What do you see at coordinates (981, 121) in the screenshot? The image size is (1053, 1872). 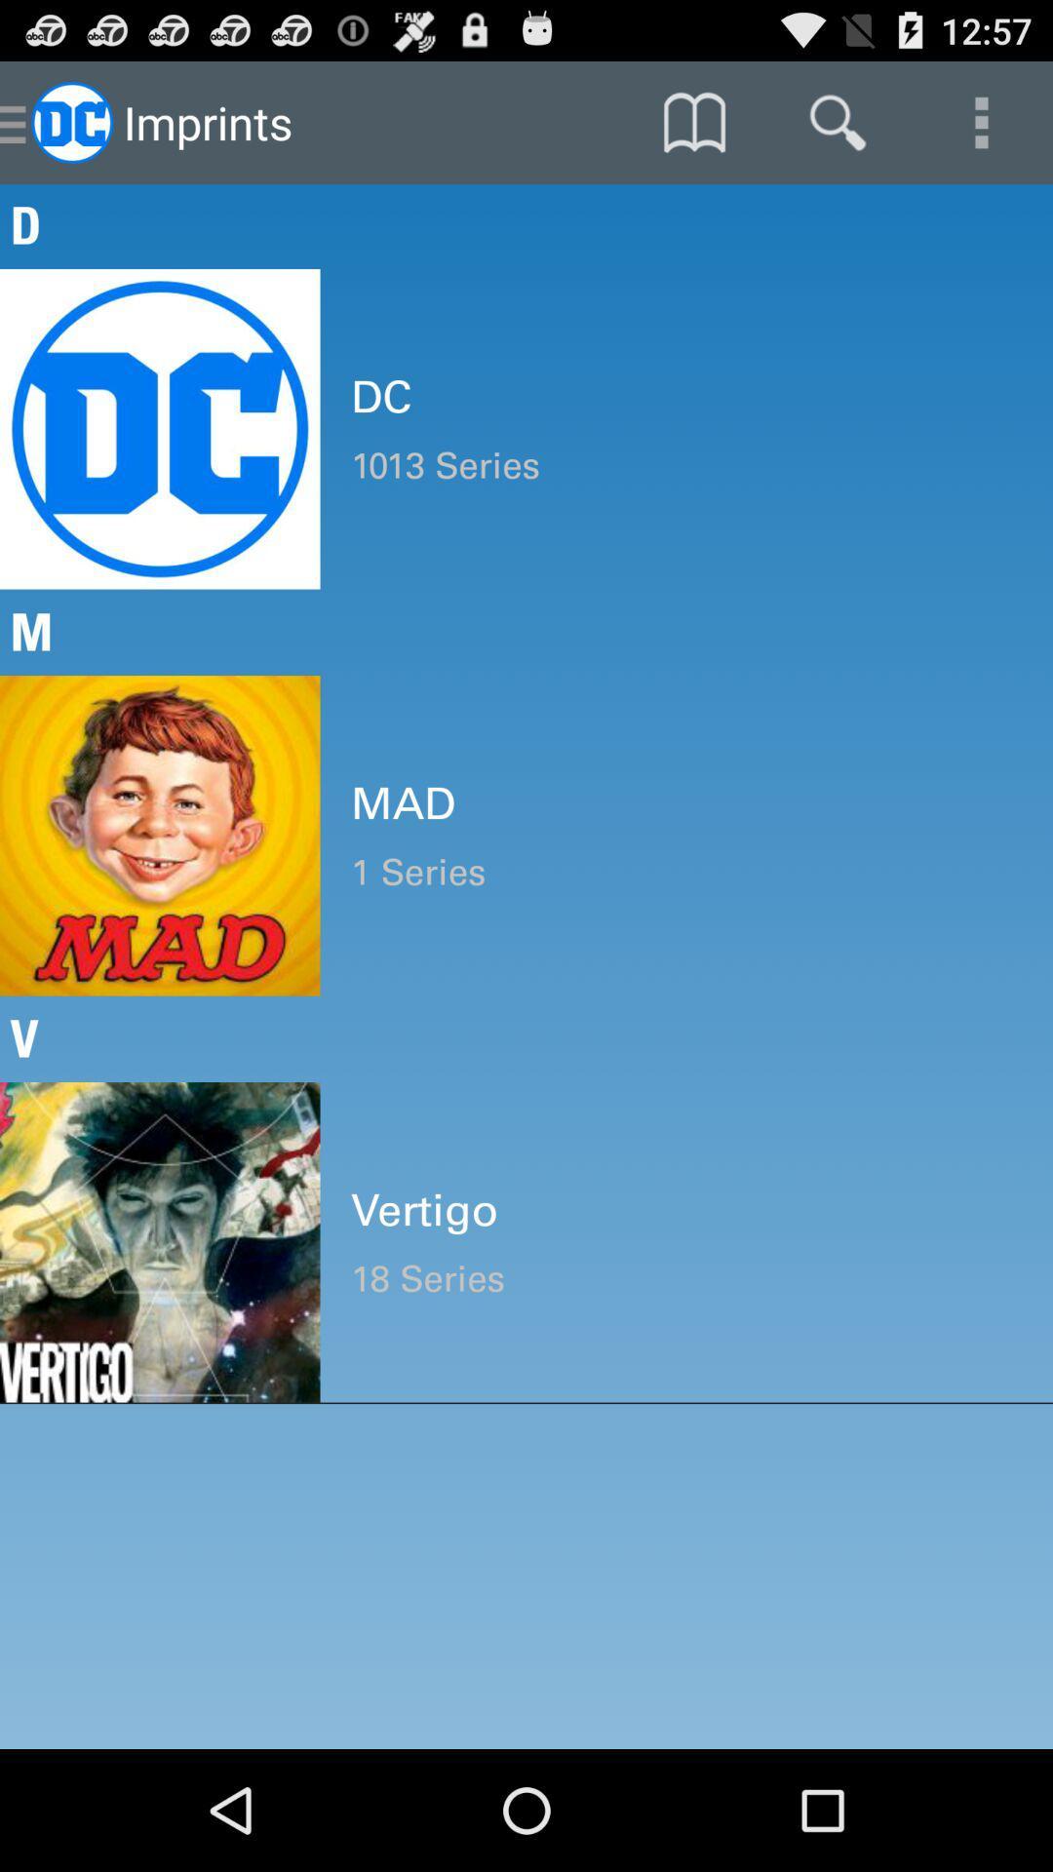 I see `item above the d icon` at bounding box center [981, 121].